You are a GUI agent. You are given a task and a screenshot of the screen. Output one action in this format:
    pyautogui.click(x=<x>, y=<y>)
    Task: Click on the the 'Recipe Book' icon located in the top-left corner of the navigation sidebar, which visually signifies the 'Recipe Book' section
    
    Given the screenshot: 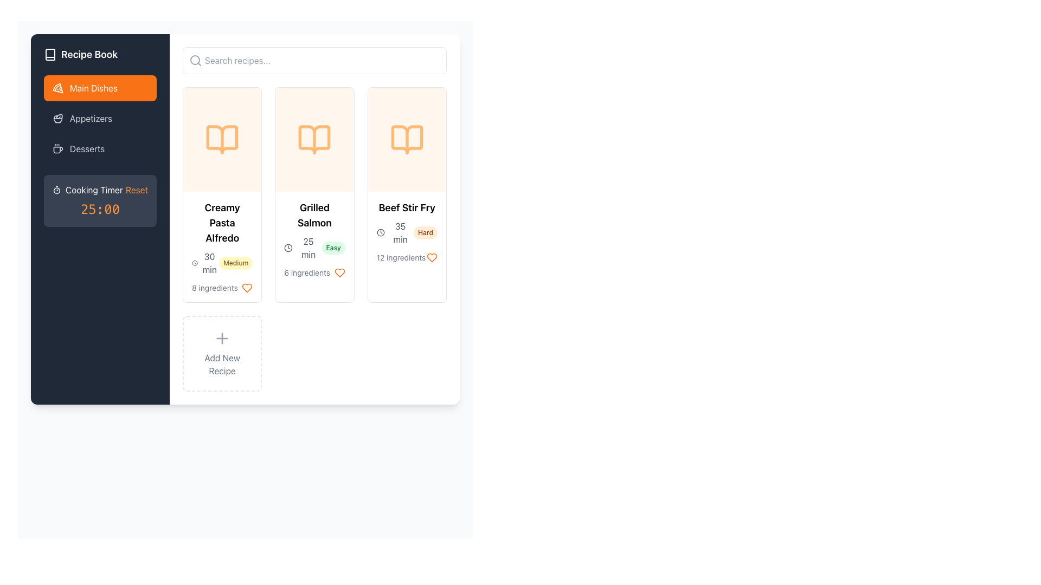 What is the action you would take?
    pyautogui.click(x=49, y=54)
    